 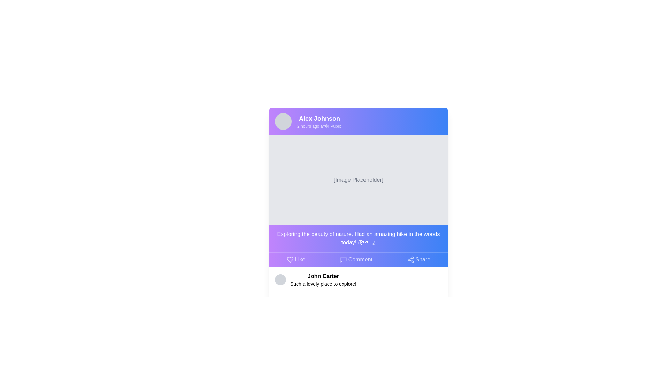 What do you see at coordinates (356, 259) in the screenshot?
I see `the comment button located between 'Like' and 'Share' at the bottom of the content card` at bounding box center [356, 259].